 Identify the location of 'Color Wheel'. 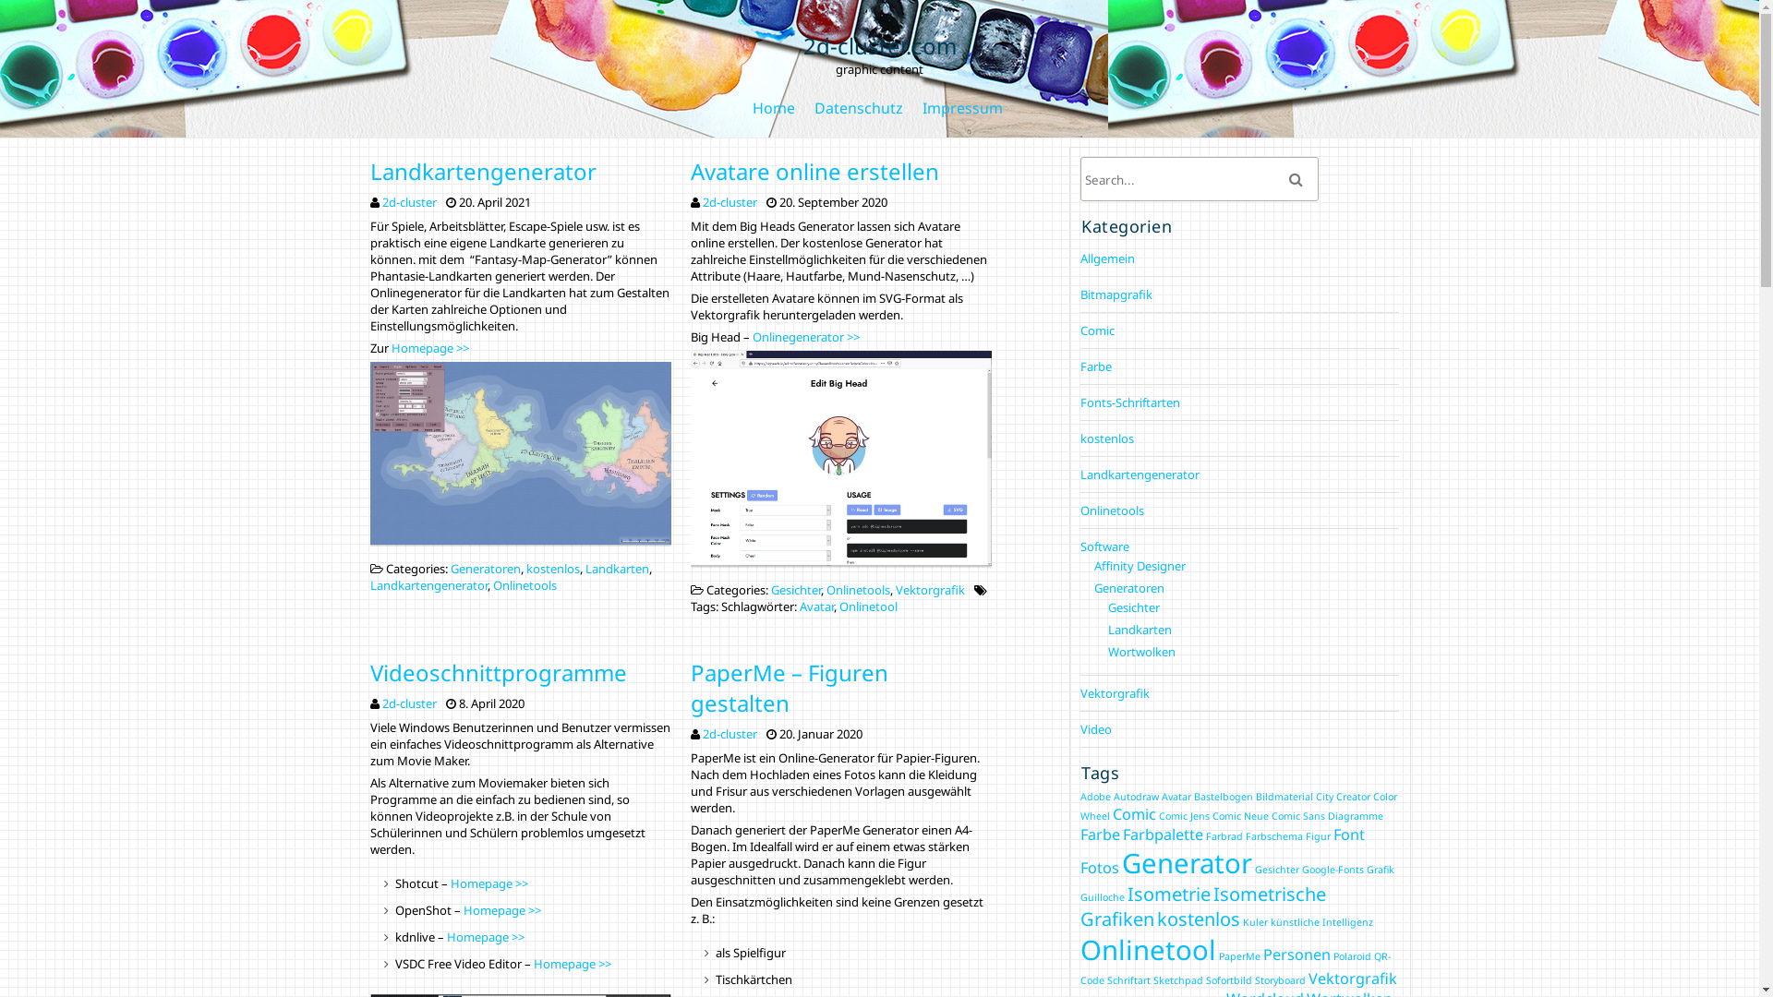
(1238, 805).